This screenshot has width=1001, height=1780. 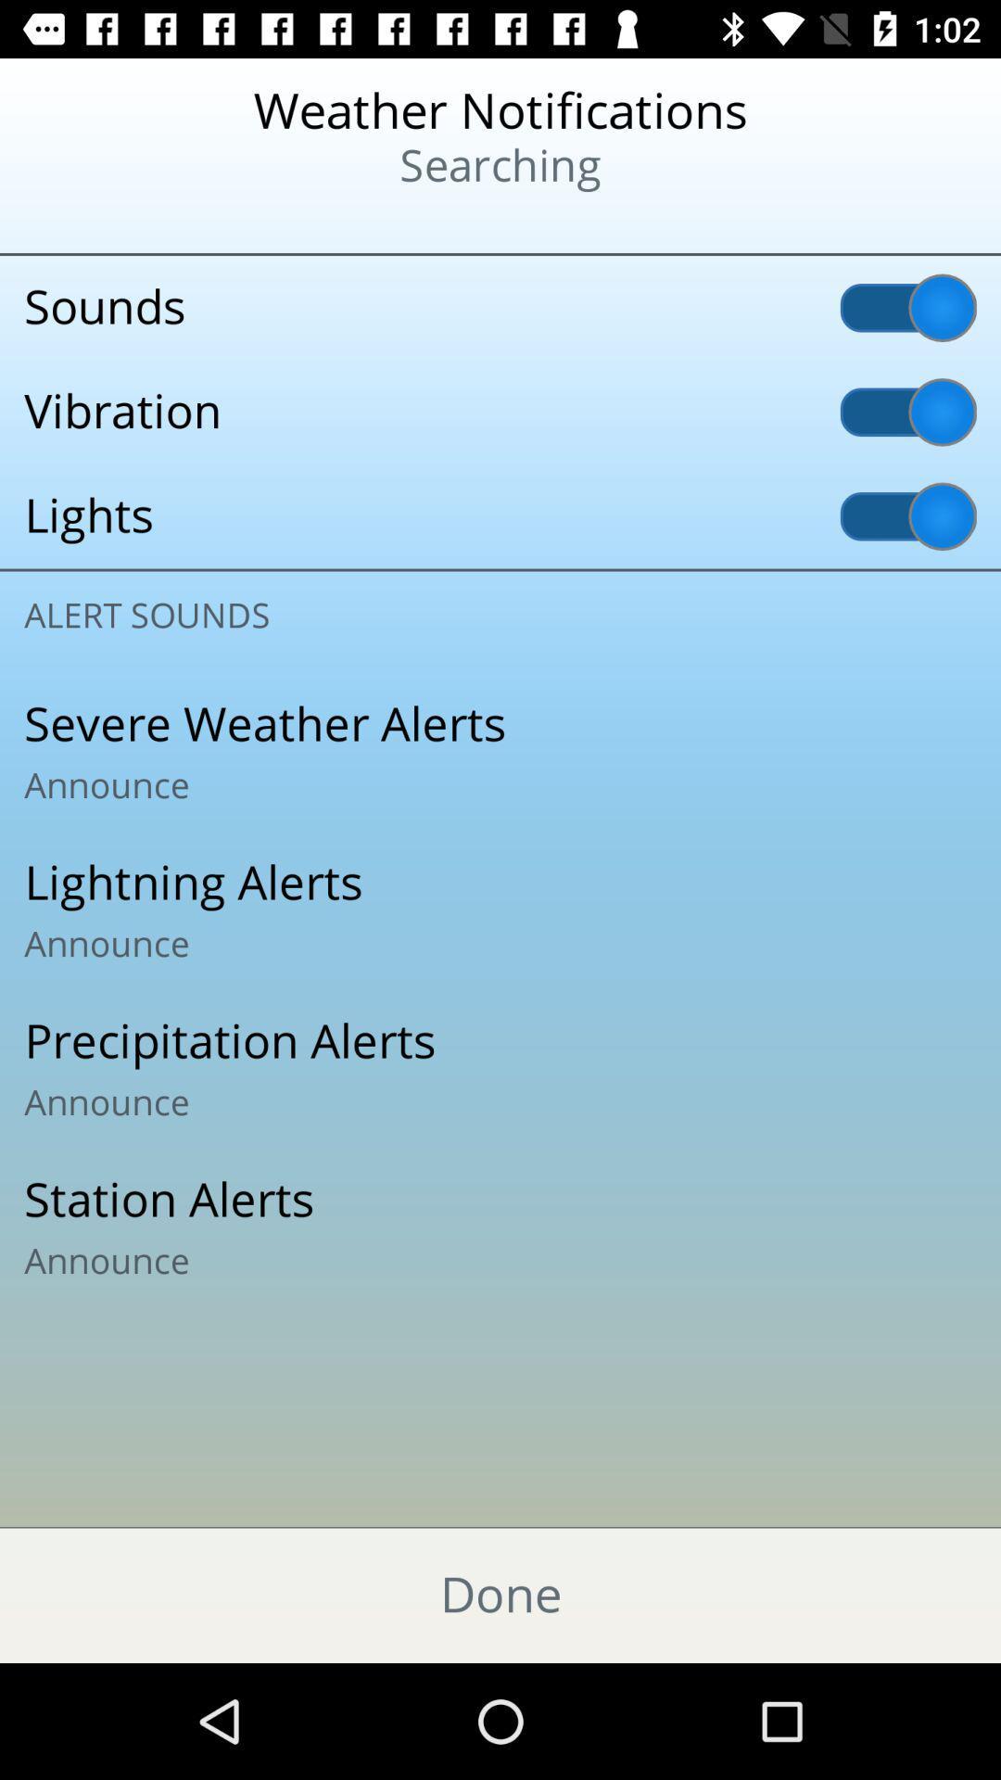 What do you see at coordinates (121, 222) in the screenshot?
I see `the icon to the left of searching item` at bounding box center [121, 222].